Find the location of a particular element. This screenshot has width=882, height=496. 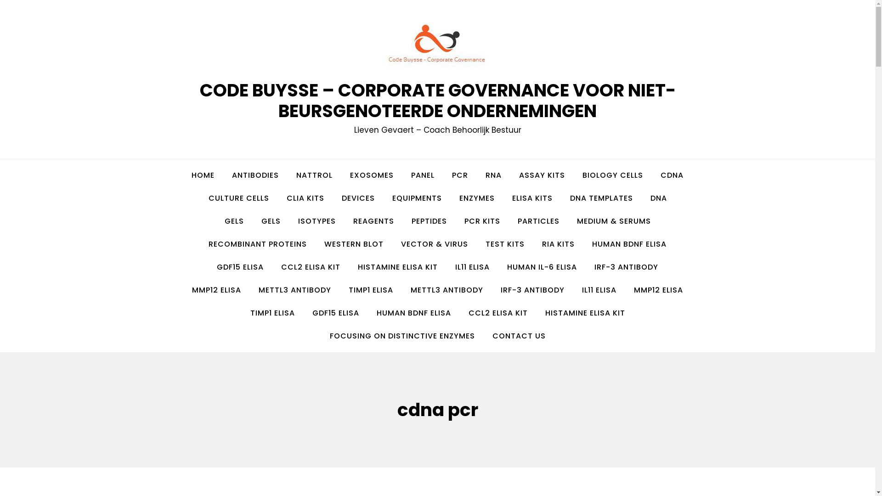

'RECOMBINANT PROTEINS' is located at coordinates (257, 244).